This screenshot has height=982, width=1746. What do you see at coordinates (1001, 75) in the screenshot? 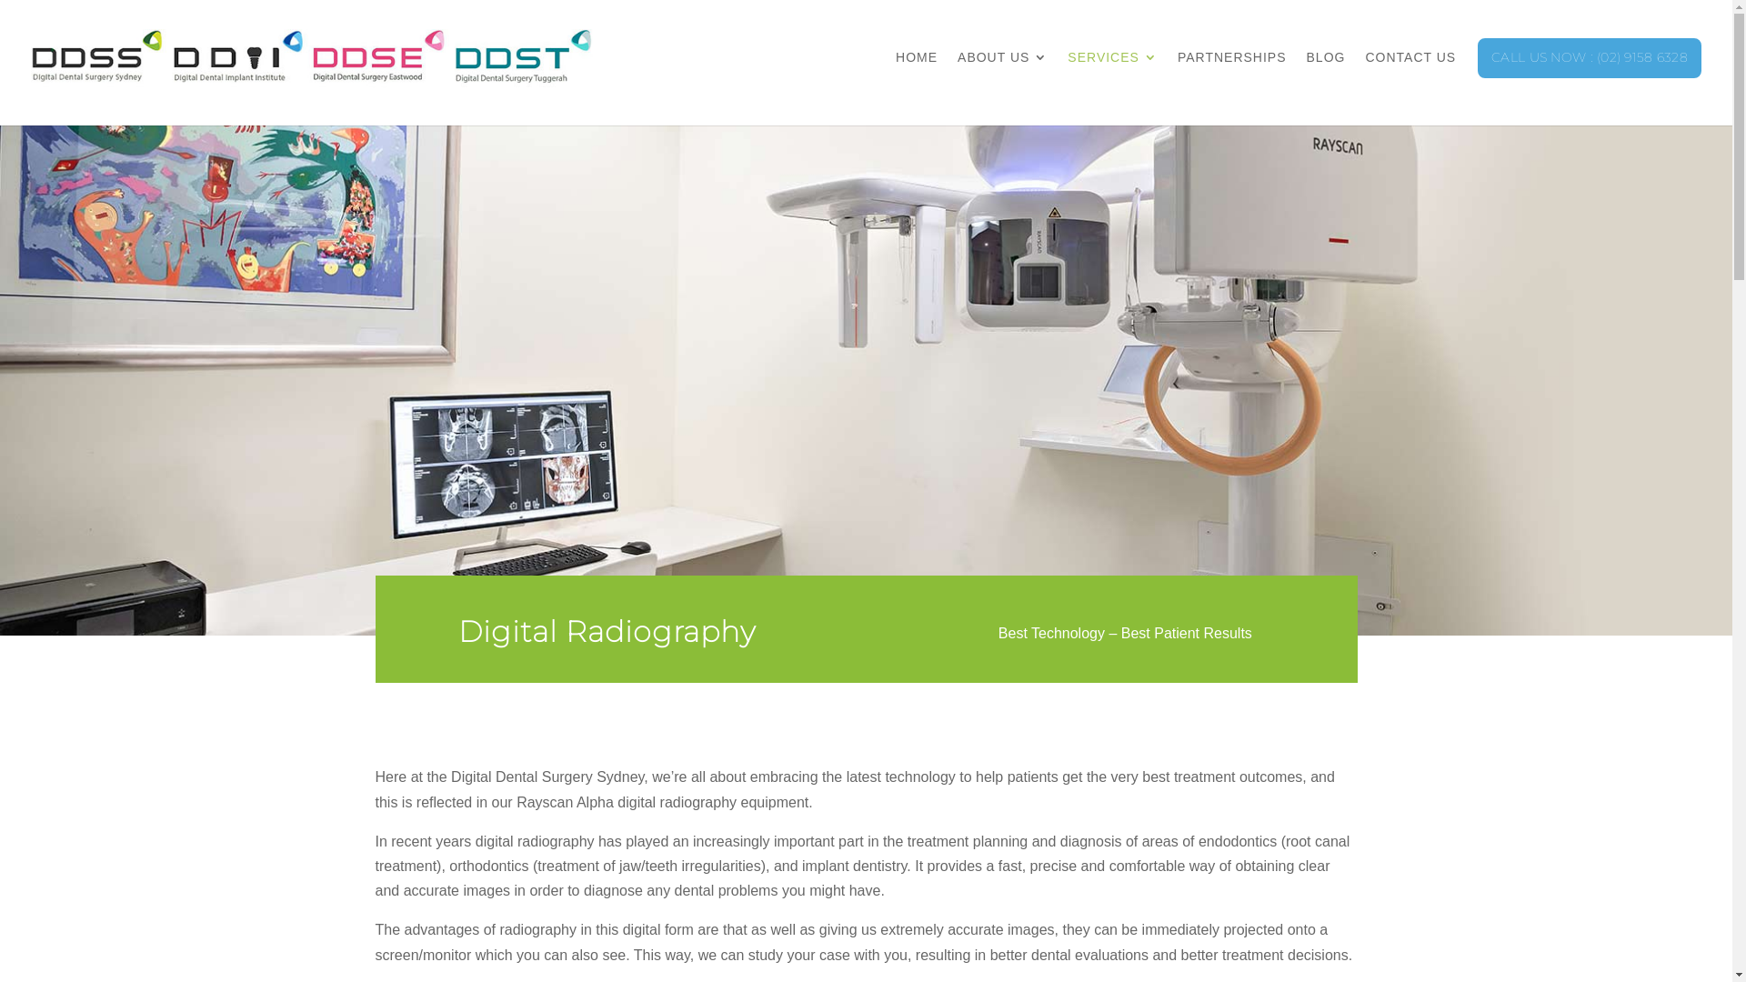
I see `'ABOUT US'` at bounding box center [1001, 75].